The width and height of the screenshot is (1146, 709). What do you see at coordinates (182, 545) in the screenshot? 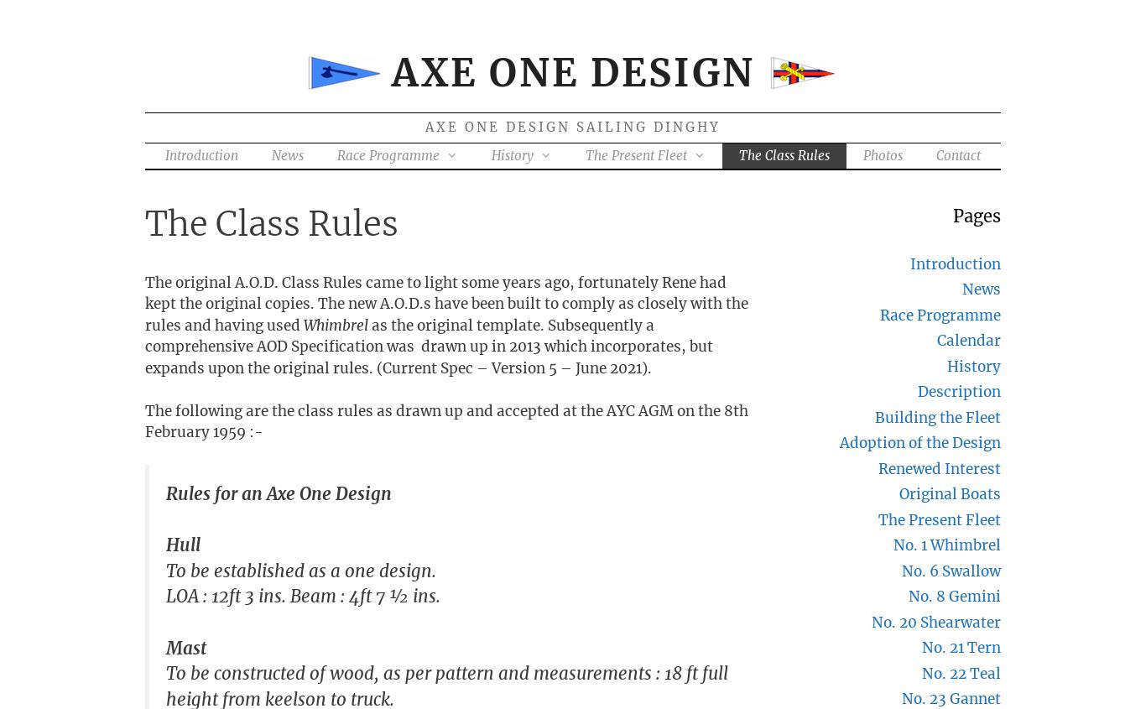
I see `'Hull'` at bounding box center [182, 545].